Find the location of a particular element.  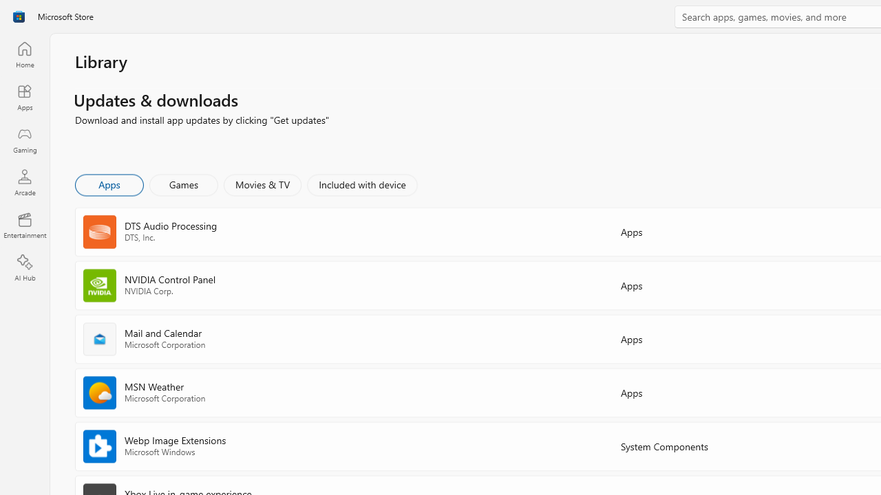

'Games' is located at coordinates (183, 184).